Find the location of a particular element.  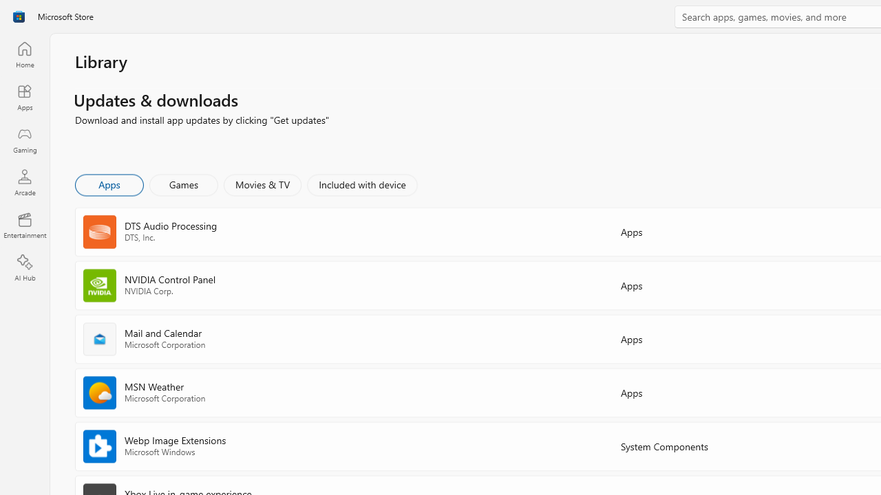

'Games' is located at coordinates (183, 184).